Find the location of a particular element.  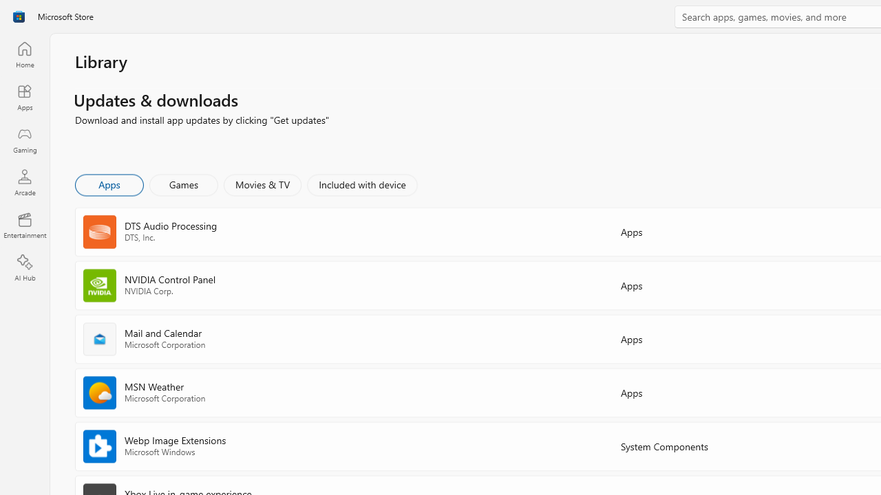

'Games' is located at coordinates (183, 184).